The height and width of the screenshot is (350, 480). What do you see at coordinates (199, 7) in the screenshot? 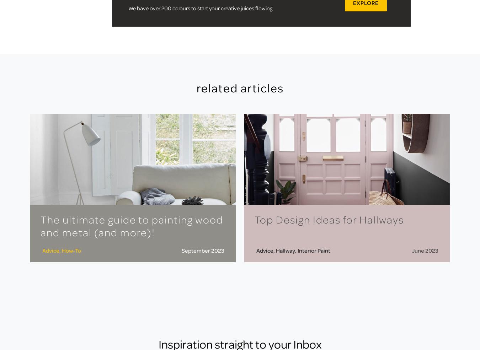
I see `'We have over 200 colours to start your creative juices flowing'` at bounding box center [199, 7].